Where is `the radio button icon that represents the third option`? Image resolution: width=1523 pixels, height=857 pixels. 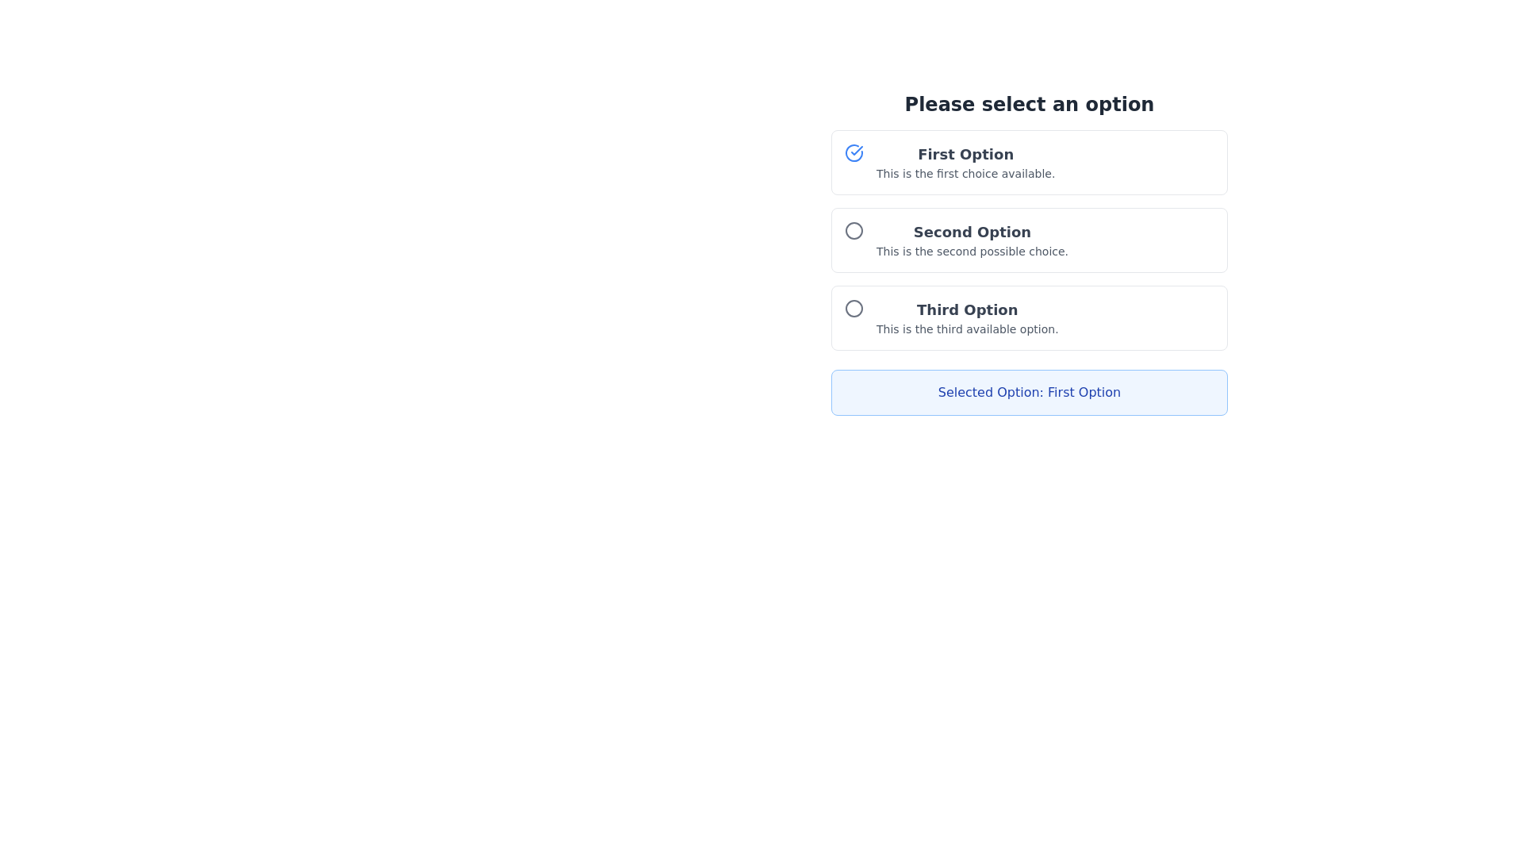
the radio button icon that represents the third option is located at coordinates (853, 318).